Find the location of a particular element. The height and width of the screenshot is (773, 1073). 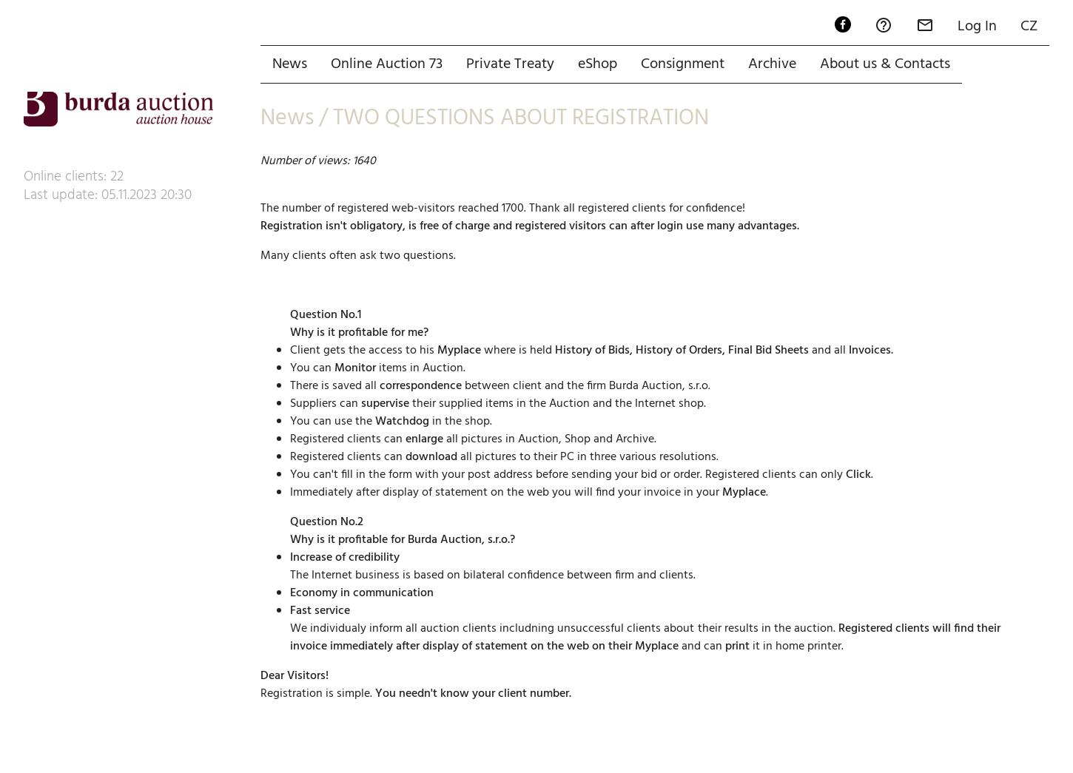

'There is saved all' is located at coordinates (334, 332).